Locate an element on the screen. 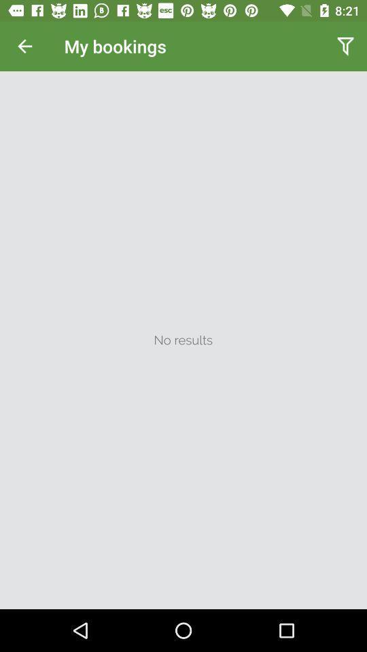 This screenshot has height=652, width=367. app next to my bookings item is located at coordinates (345, 46).